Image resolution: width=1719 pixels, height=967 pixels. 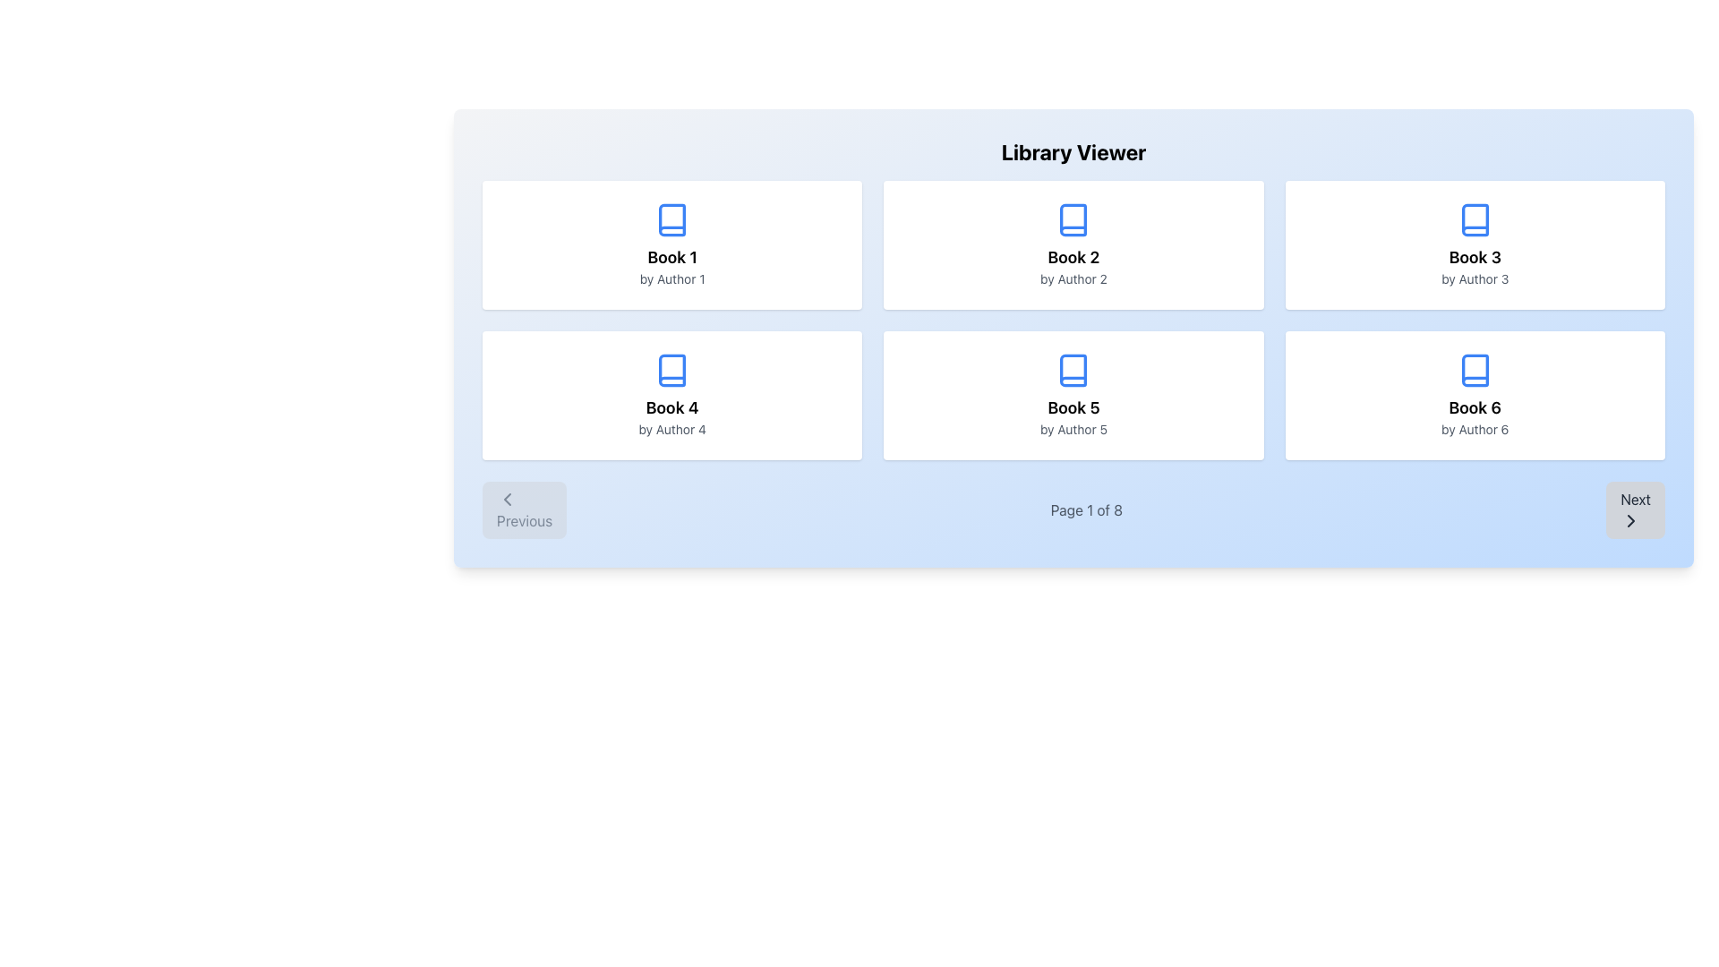 What do you see at coordinates (671, 429) in the screenshot?
I see `text content of the author label located directly underneath the title 'Book 4' in the book card layout` at bounding box center [671, 429].